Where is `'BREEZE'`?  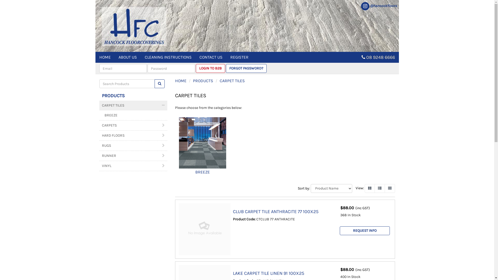
'BREEZE' is located at coordinates (202, 143).